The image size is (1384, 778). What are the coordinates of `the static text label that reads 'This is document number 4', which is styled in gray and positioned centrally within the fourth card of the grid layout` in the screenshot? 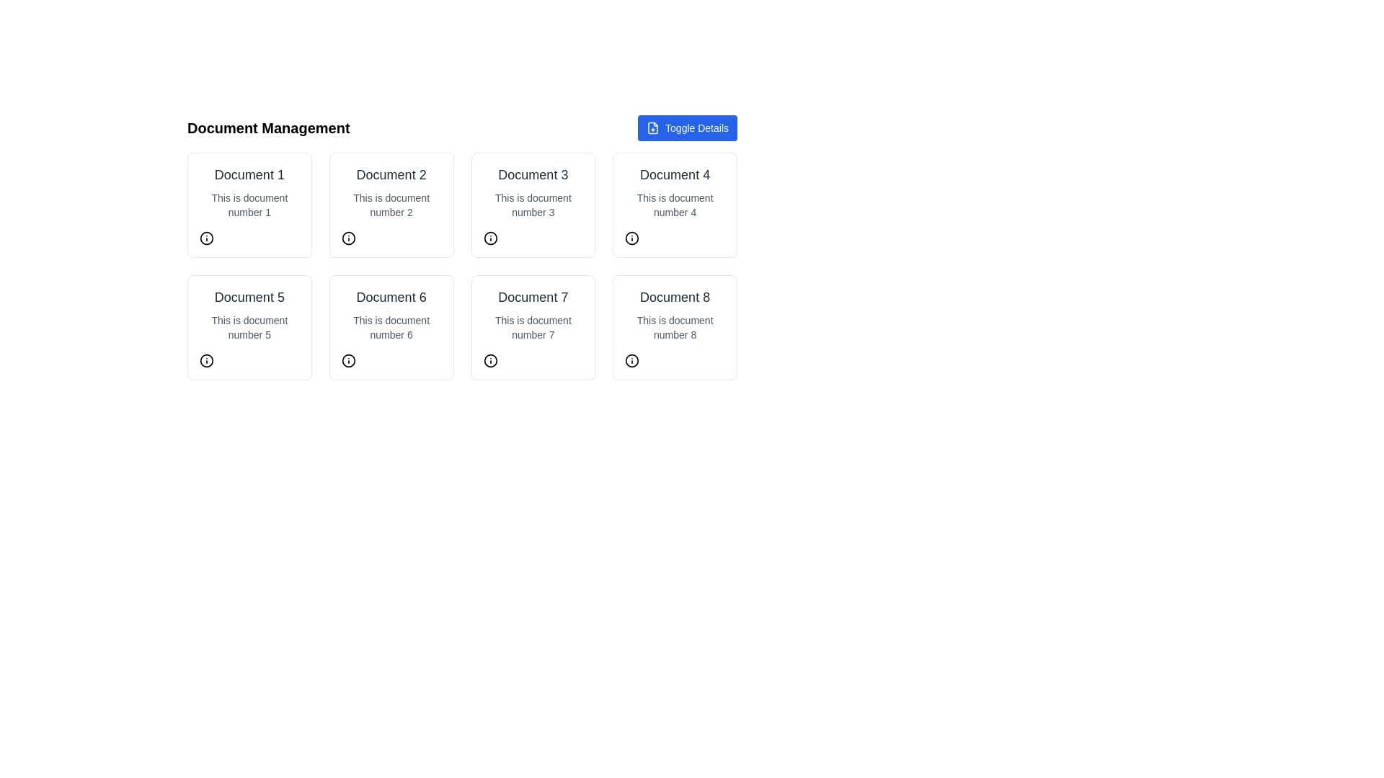 It's located at (674, 205).